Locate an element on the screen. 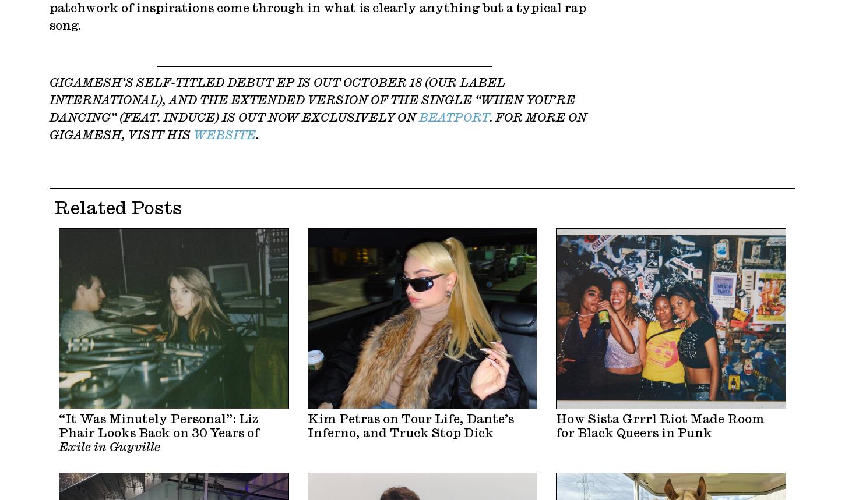 The image size is (845, 500). '.' is located at coordinates (255, 135).